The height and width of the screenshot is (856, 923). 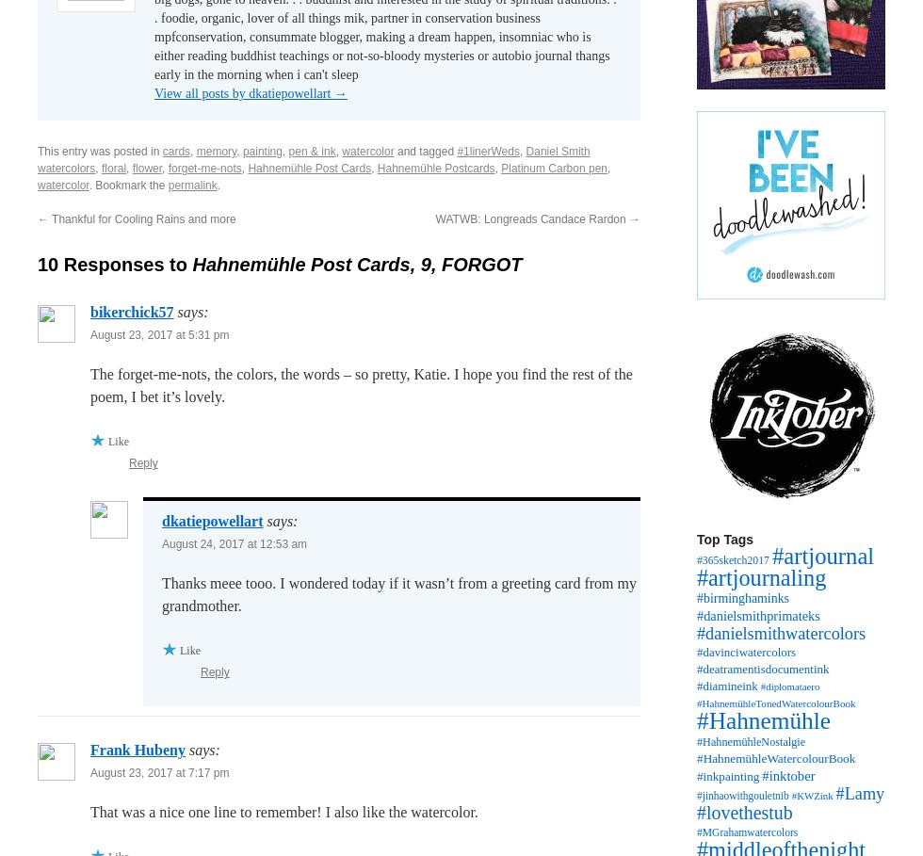 I want to click on 'August 24, 2017 at 12:53 am', so click(x=235, y=543).